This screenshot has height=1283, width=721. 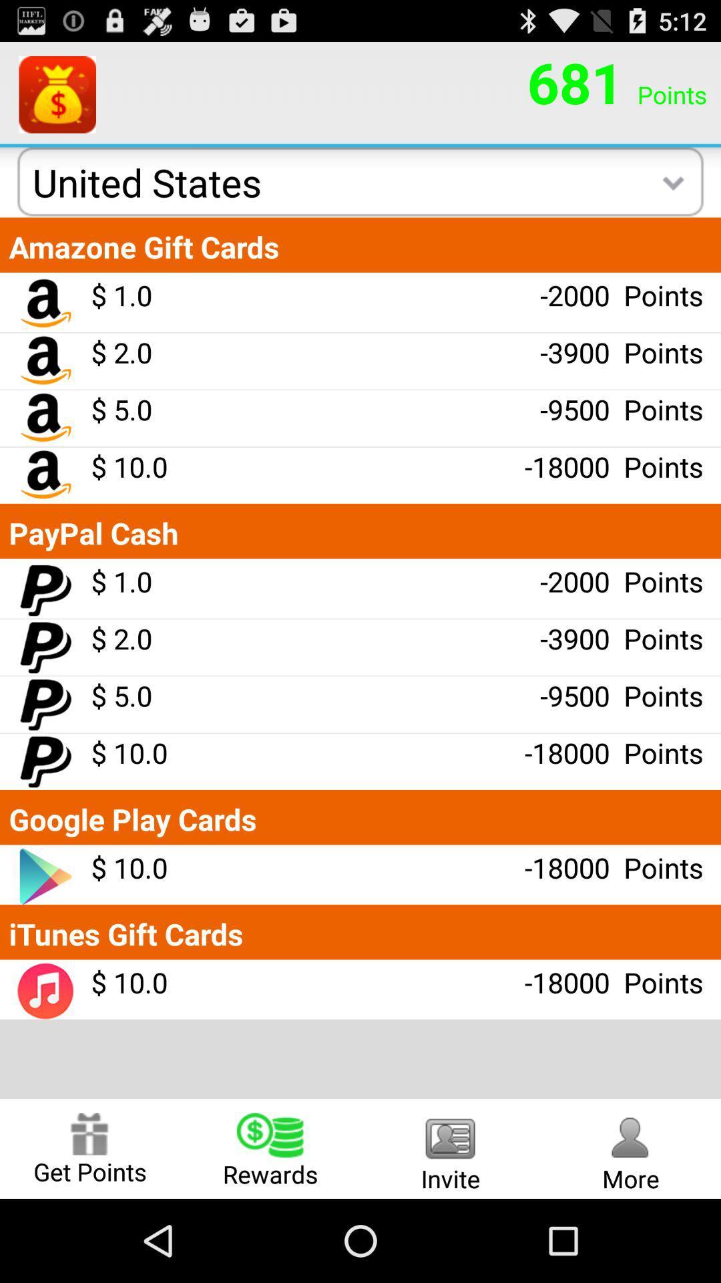 What do you see at coordinates (631, 1148) in the screenshot?
I see `the radio button to the right of the invite radio button` at bounding box center [631, 1148].